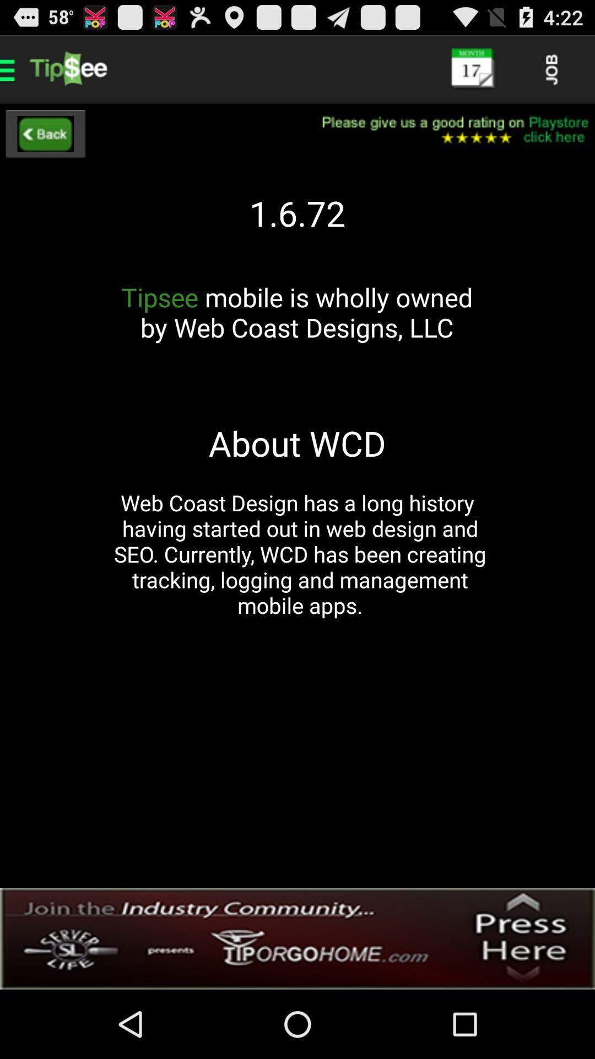  I want to click on go back, so click(45, 133).